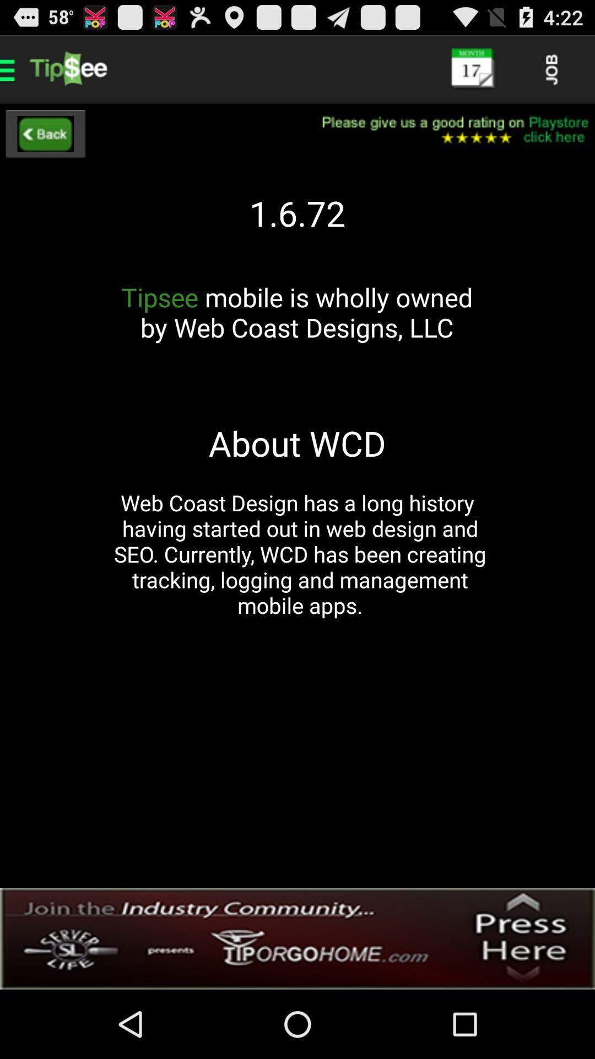  I want to click on go back, so click(45, 133).